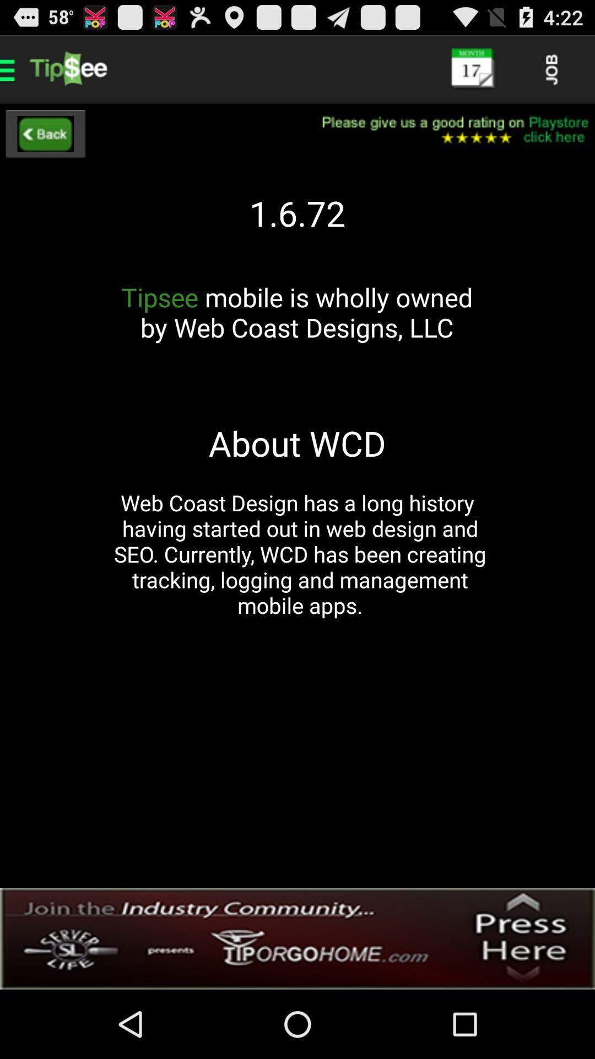  I want to click on go back, so click(45, 133).